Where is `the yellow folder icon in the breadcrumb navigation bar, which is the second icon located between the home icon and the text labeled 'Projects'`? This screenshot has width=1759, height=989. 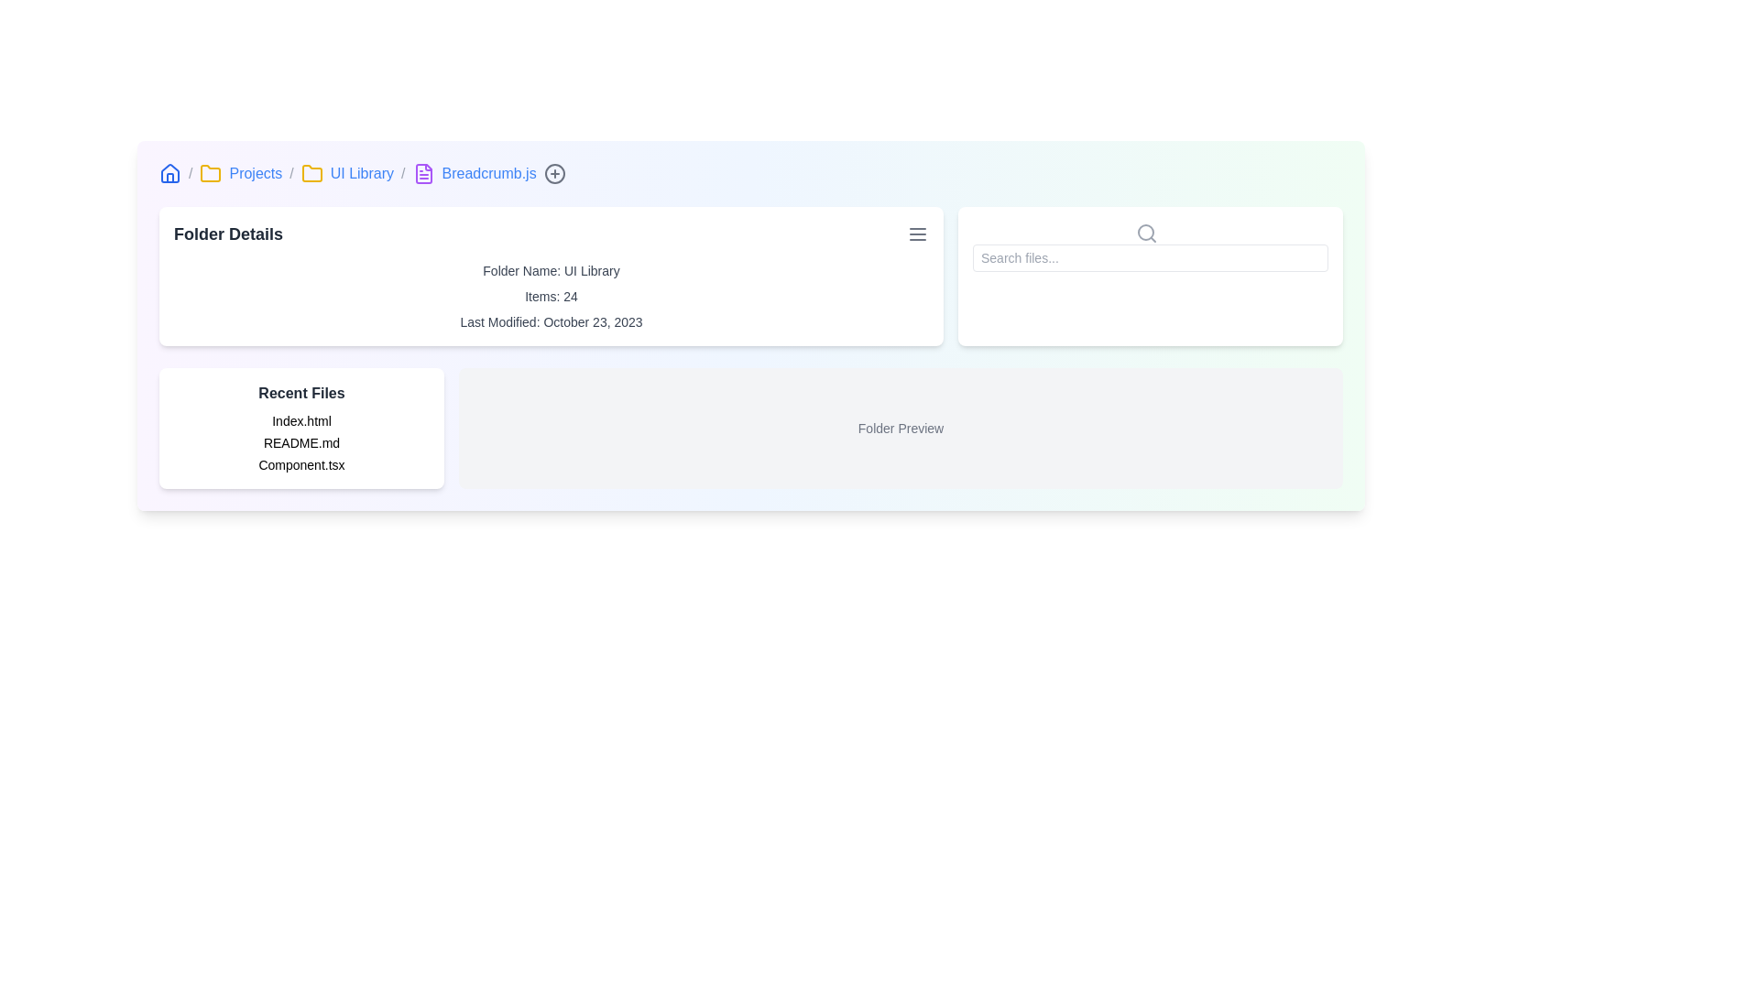
the yellow folder icon in the breadcrumb navigation bar, which is the second icon located between the home icon and the text labeled 'Projects' is located at coordinates (211, 173).